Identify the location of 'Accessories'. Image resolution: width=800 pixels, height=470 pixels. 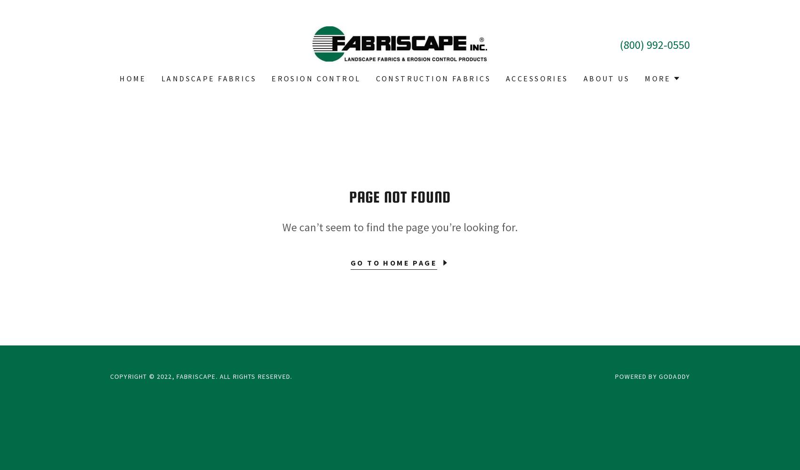
(537, 78).